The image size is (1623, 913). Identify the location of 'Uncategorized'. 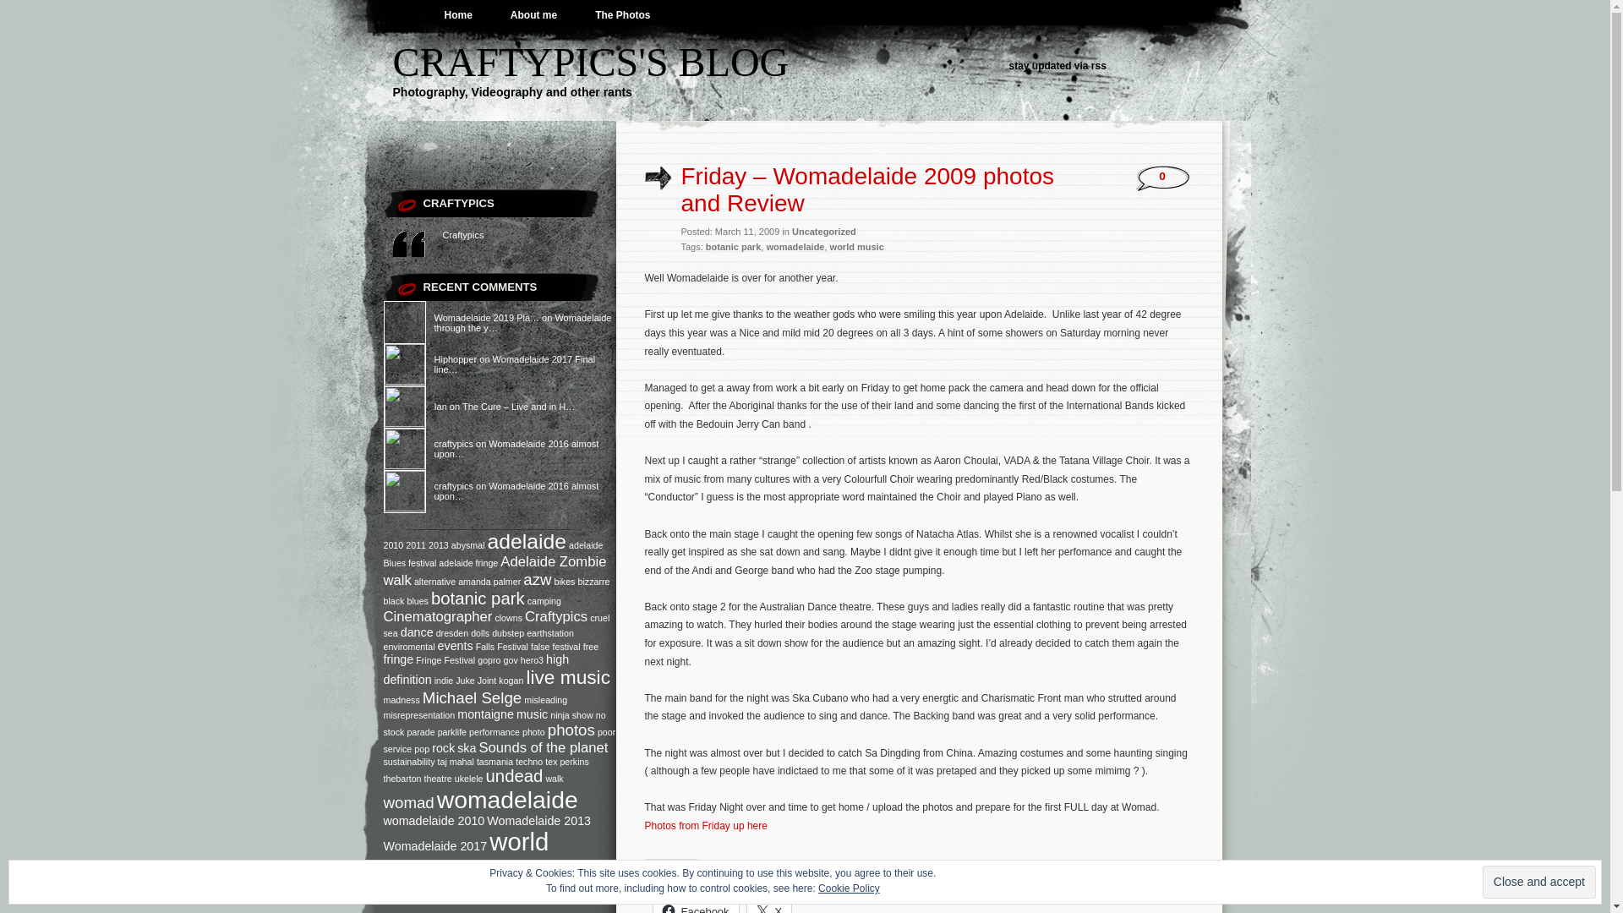
(790, 231).